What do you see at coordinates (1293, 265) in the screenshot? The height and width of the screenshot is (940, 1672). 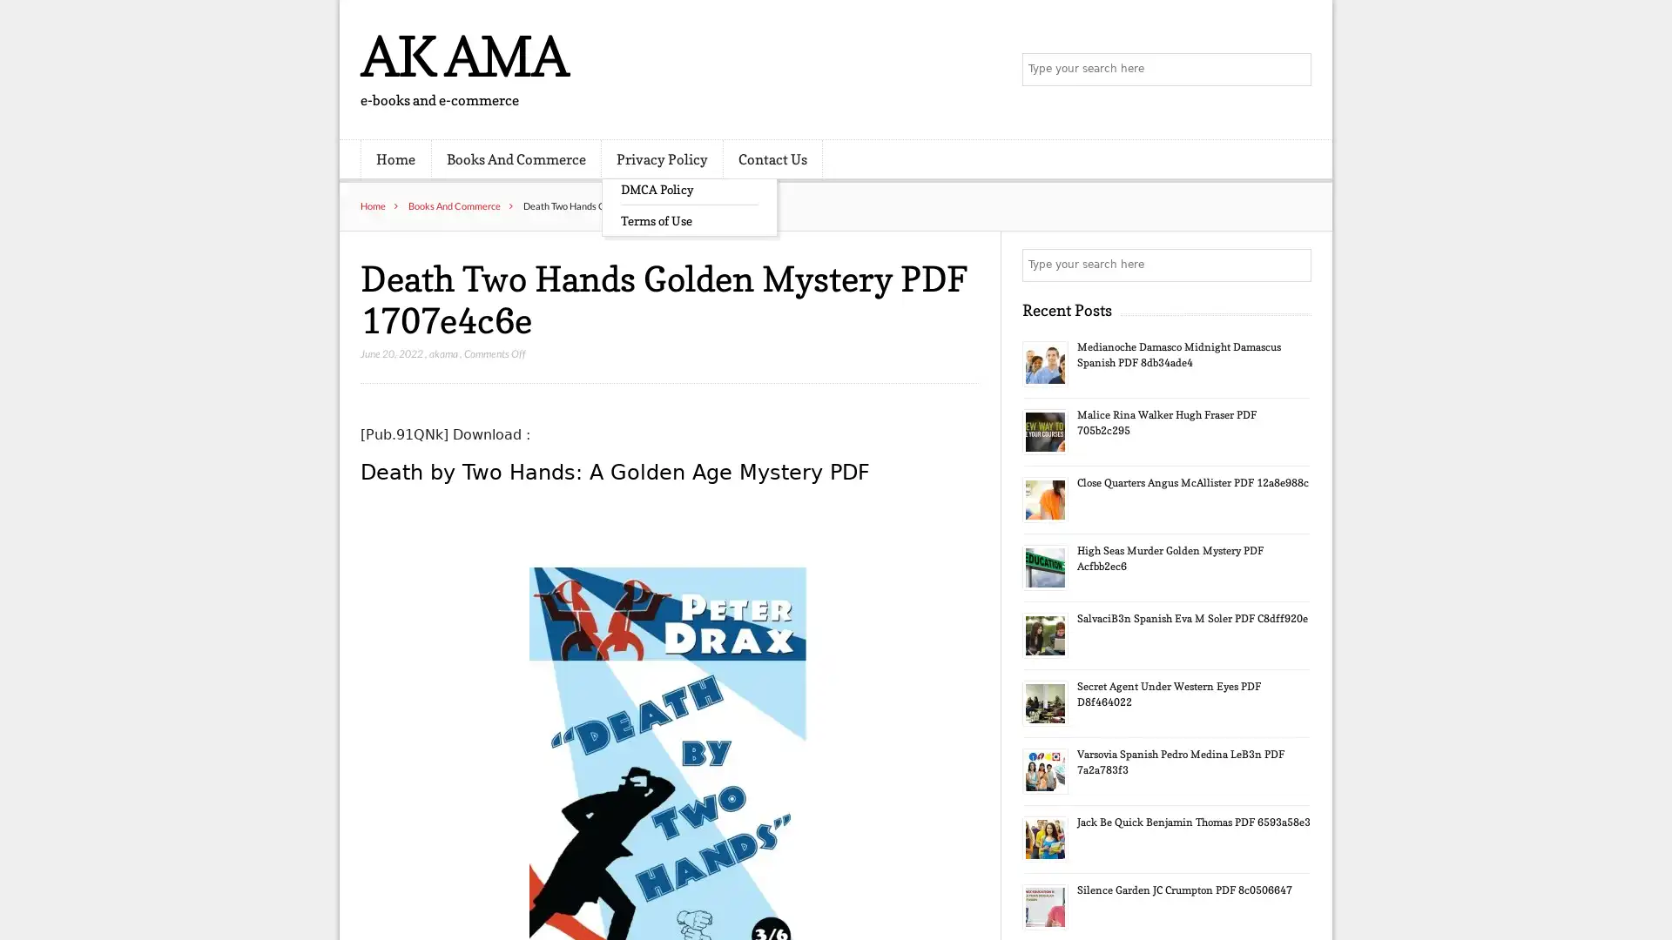 I see `Search` at bounding box center [1293, 265].